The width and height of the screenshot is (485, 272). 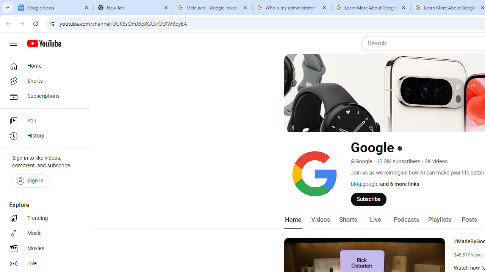 I want to click on 'YouTube Home', so click(x=44, y=43).